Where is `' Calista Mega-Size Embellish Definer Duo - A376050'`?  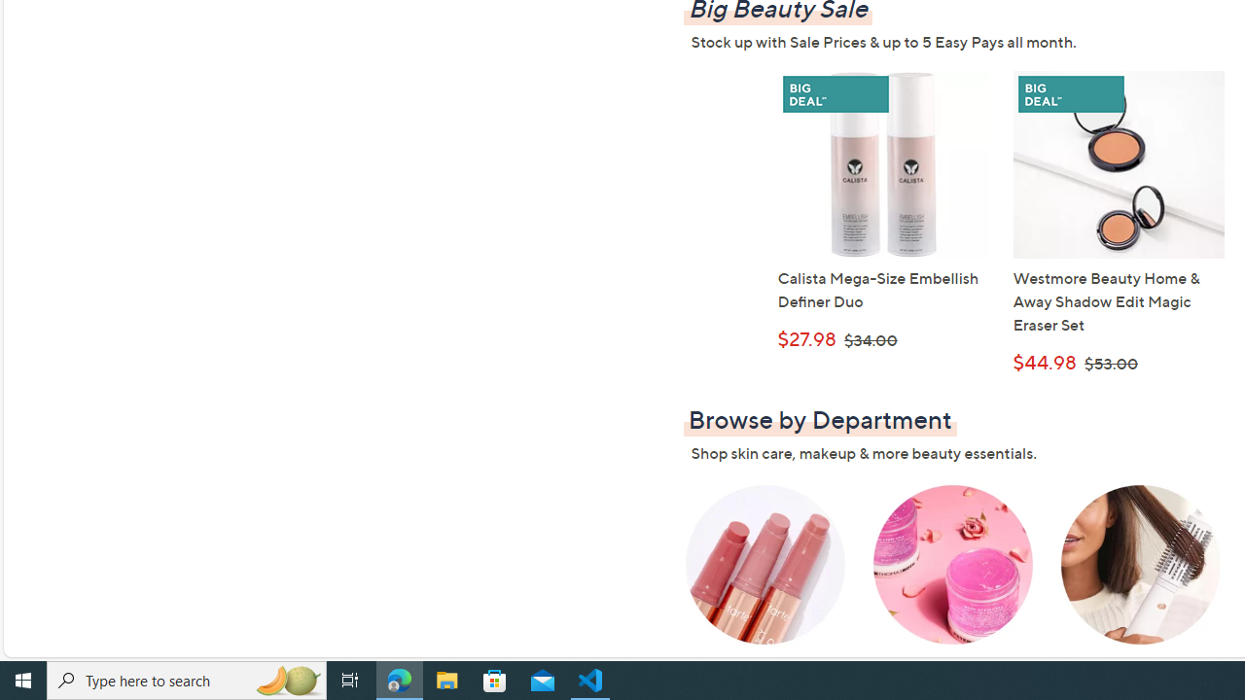
' Calista Mega-Size Embellish Definer Duo - A376050' is located at coordinates (882, 163).